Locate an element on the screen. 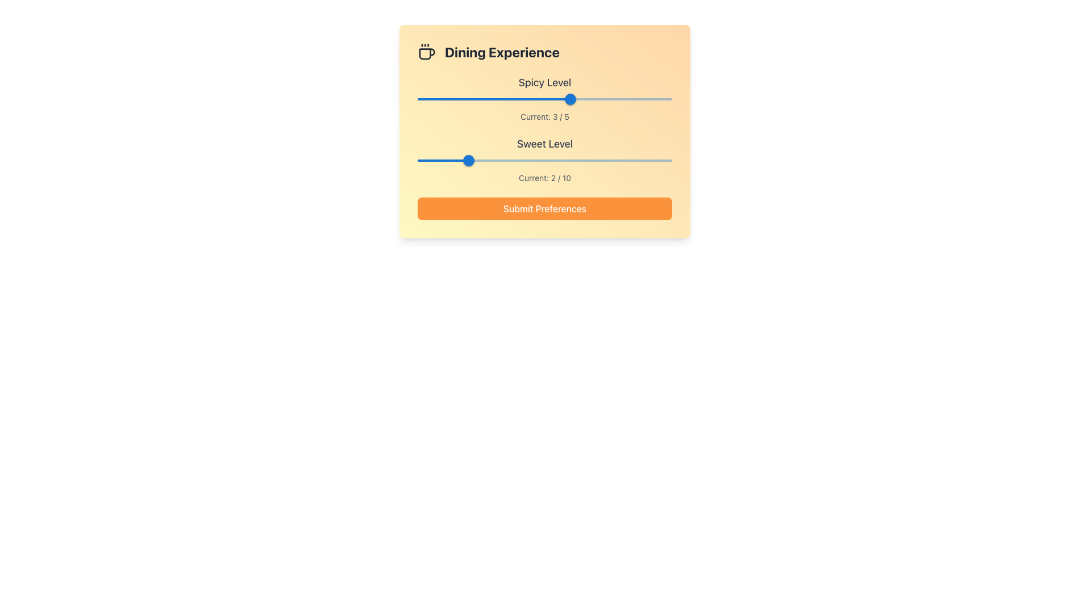 This screenshot has width=1091, height=613. the spicy level is located at coordinates (481, 98).